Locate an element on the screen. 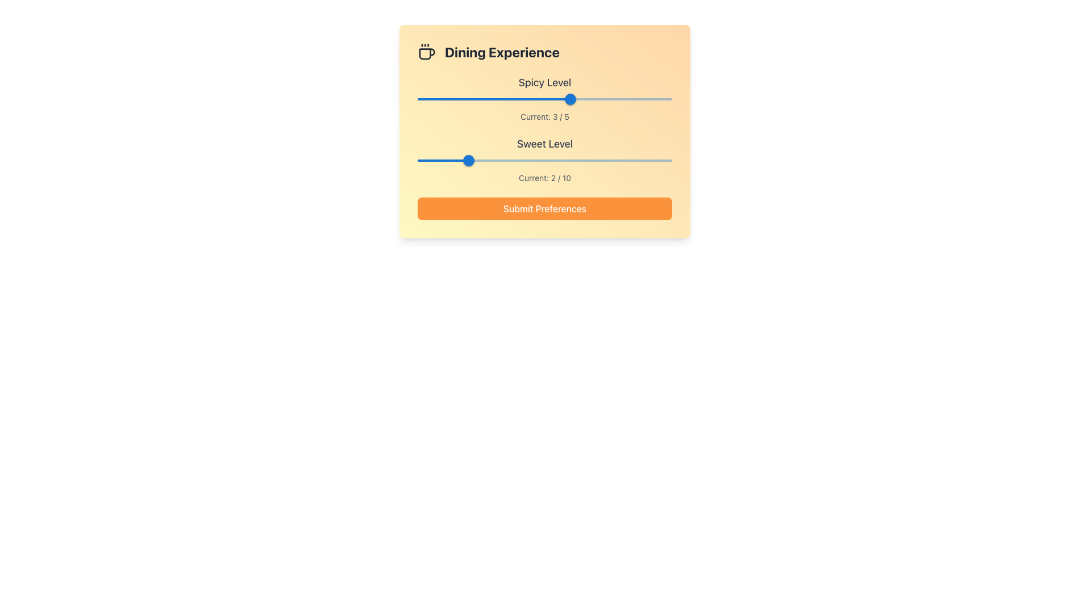 This screenshot has width=1091, height=613. the spicy level is located at coordinates (481, 98).